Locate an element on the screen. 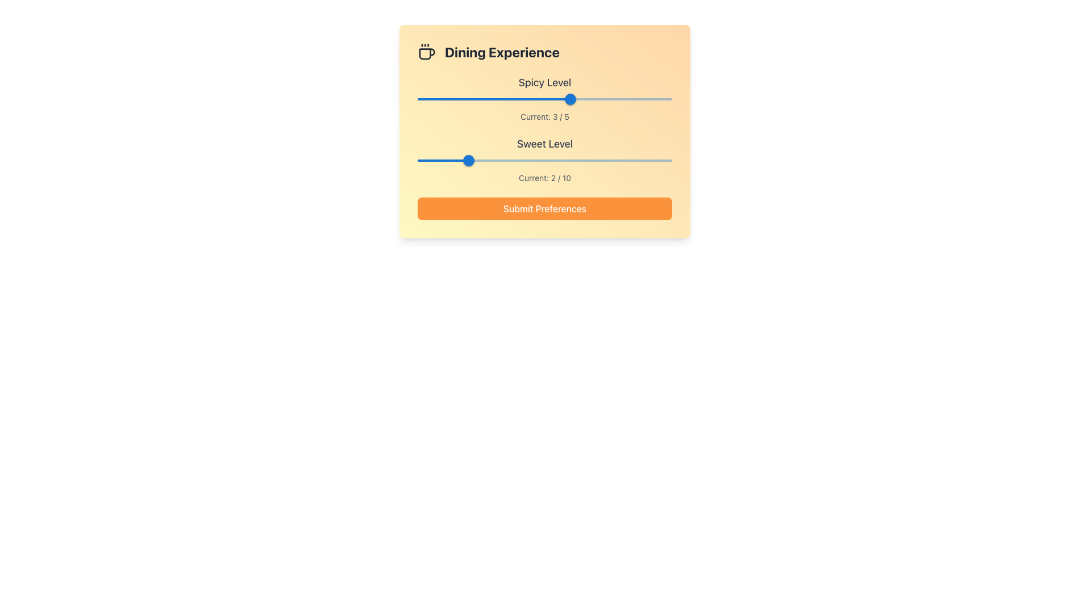 This screenshot has width=1091, height=613. the spicy level is located at coordinates (481, 98).